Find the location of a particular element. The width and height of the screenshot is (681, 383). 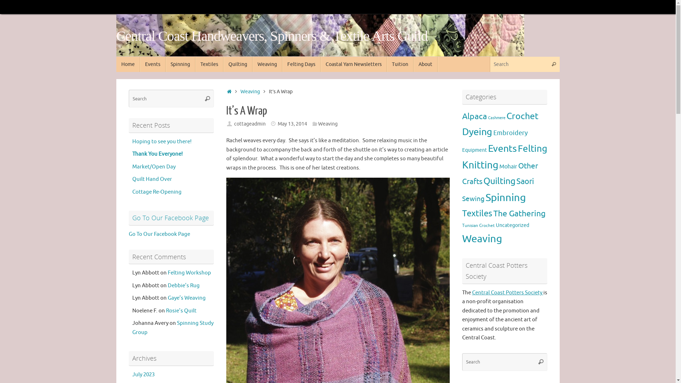

'Spinning Study Group' is located at coordinates (172, 328).